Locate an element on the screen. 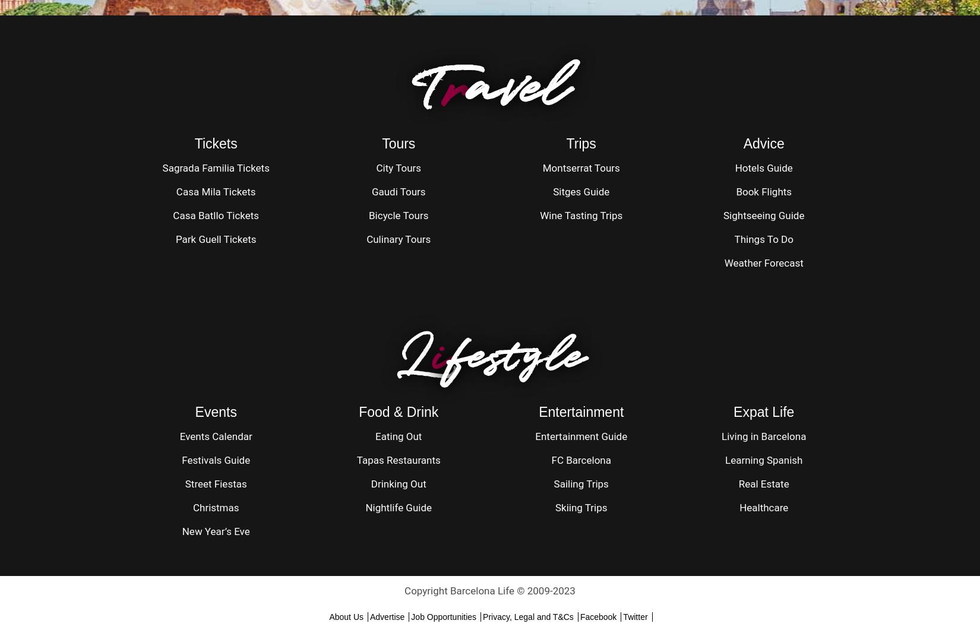  'Advertise' is located at coordinates (387, 616).